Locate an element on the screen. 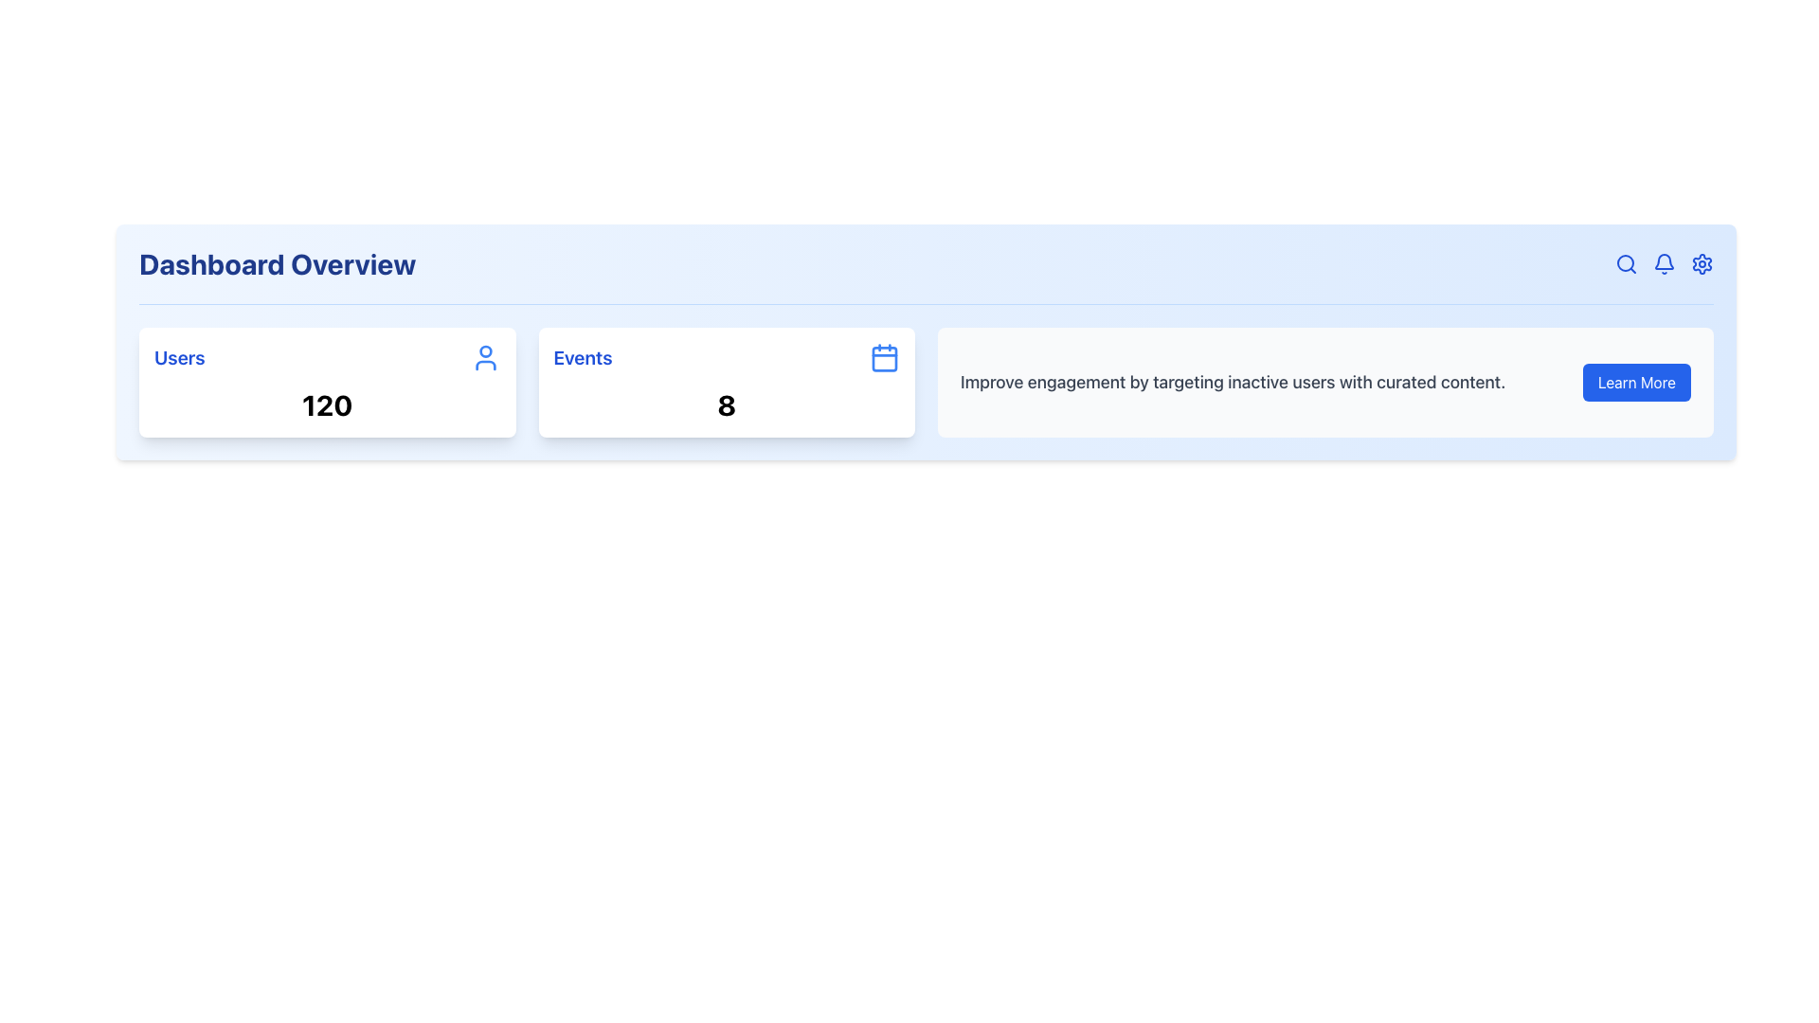 The height and width of the screenshot is (1023, 1819). the middle notification icon in the upper right corner of the dashboard header is located at coordinates (1663, 263).